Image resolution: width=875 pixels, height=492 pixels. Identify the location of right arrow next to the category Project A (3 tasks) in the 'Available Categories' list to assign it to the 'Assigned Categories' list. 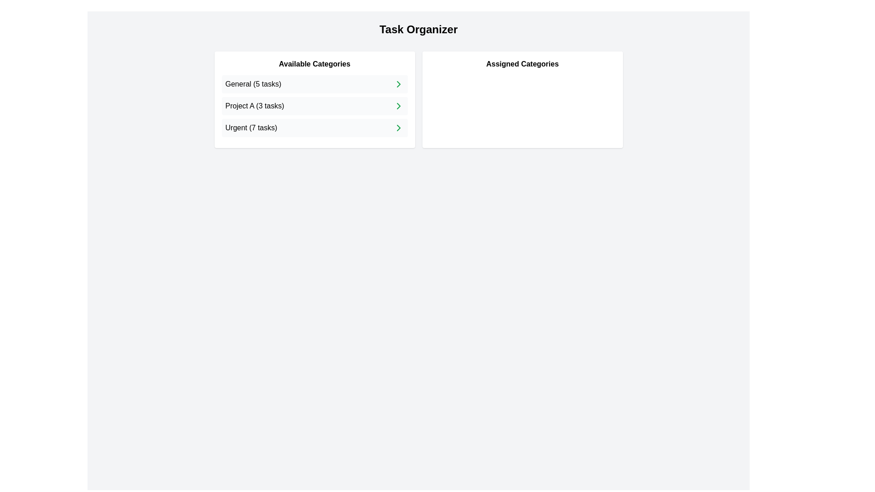
(398, 105).